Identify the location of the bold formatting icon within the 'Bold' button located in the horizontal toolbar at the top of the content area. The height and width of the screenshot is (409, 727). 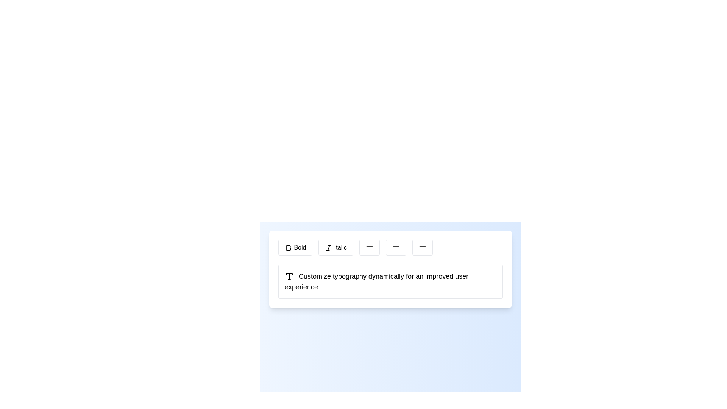
(288, 248).